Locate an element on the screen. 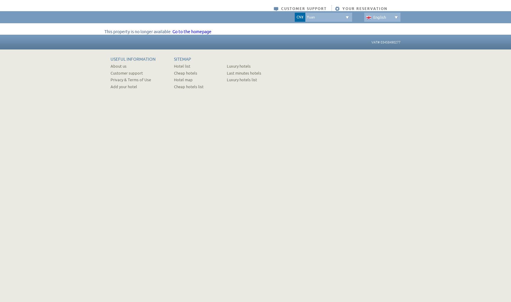  'VAT# 03458490277' is located at coordinates (371, 42).